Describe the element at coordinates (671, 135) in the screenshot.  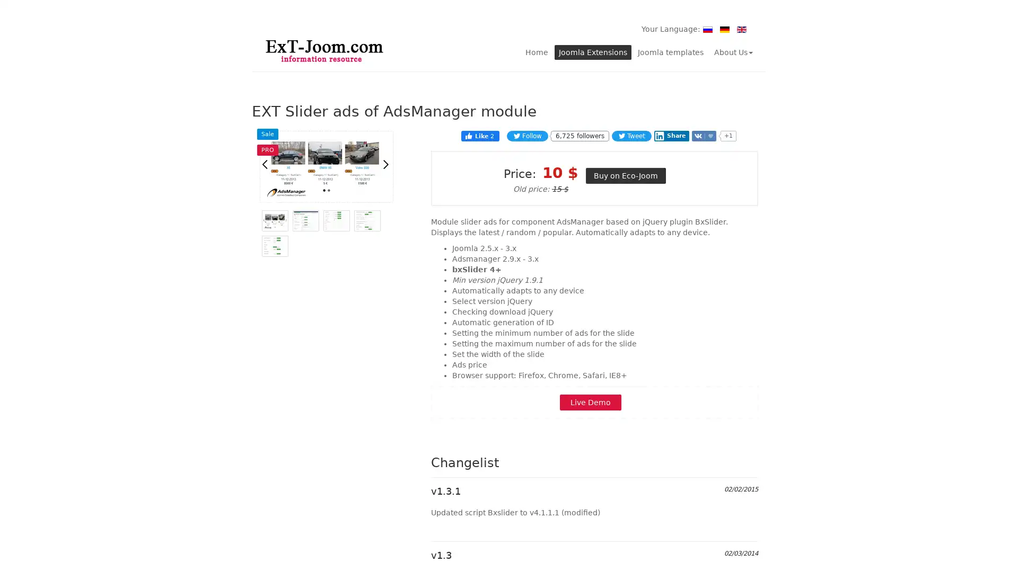
I see `Share` at that location.